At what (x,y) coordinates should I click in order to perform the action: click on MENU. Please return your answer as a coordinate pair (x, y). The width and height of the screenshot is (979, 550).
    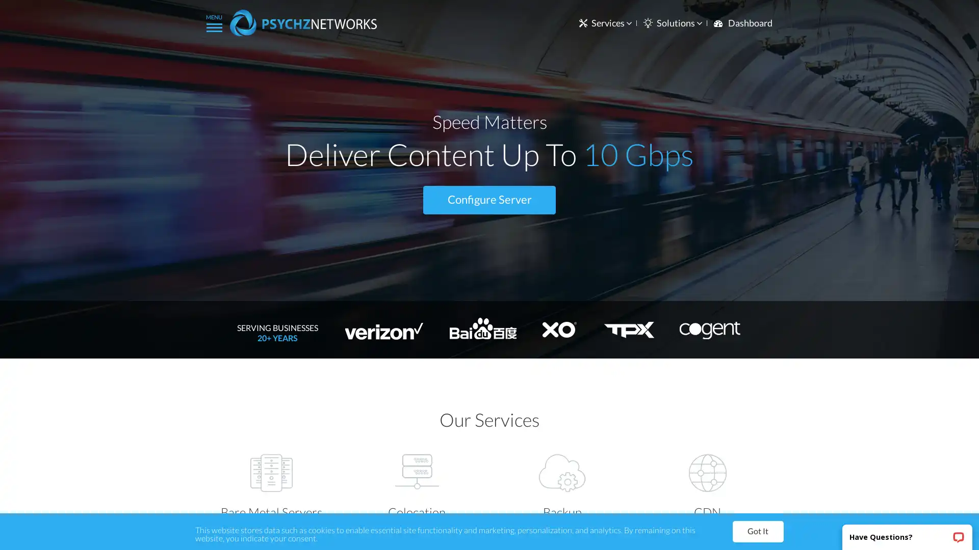
    Looking at the image, I should click on (214, 22).